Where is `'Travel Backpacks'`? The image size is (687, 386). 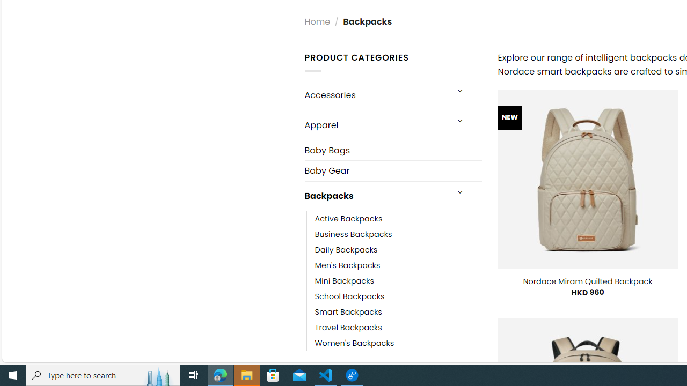
'Travel Backpacks' is located at coordinates (348, 326).